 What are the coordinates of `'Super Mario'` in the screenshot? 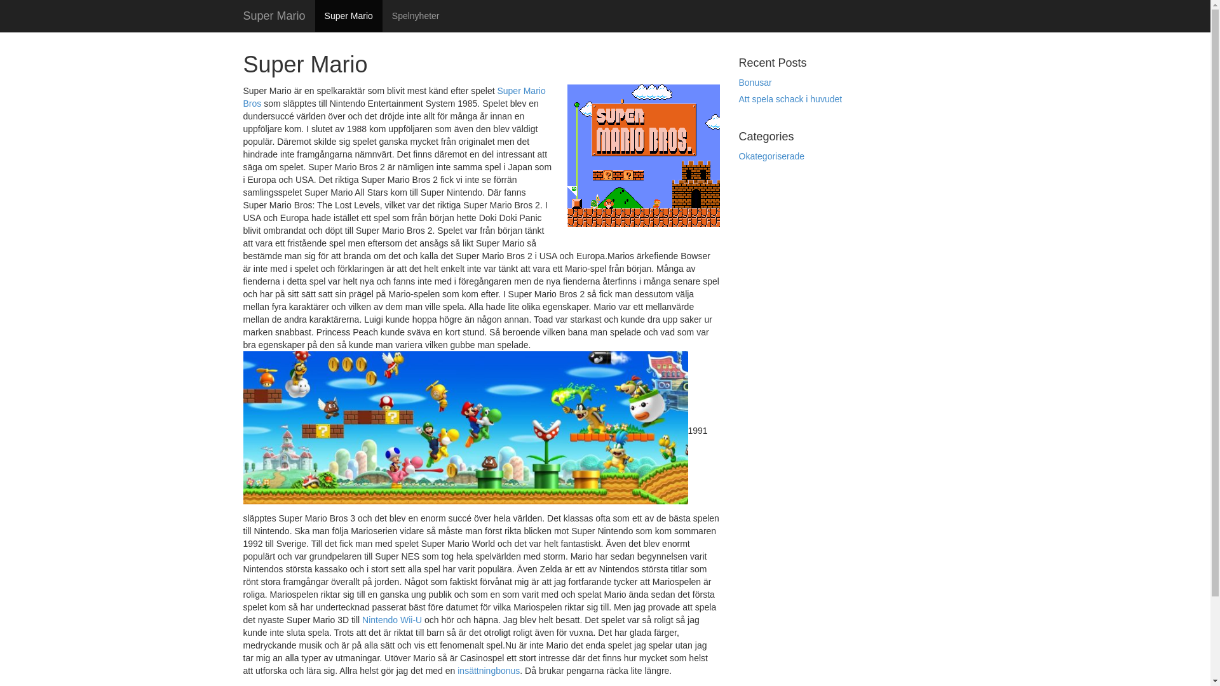 It's located at (315, 15).